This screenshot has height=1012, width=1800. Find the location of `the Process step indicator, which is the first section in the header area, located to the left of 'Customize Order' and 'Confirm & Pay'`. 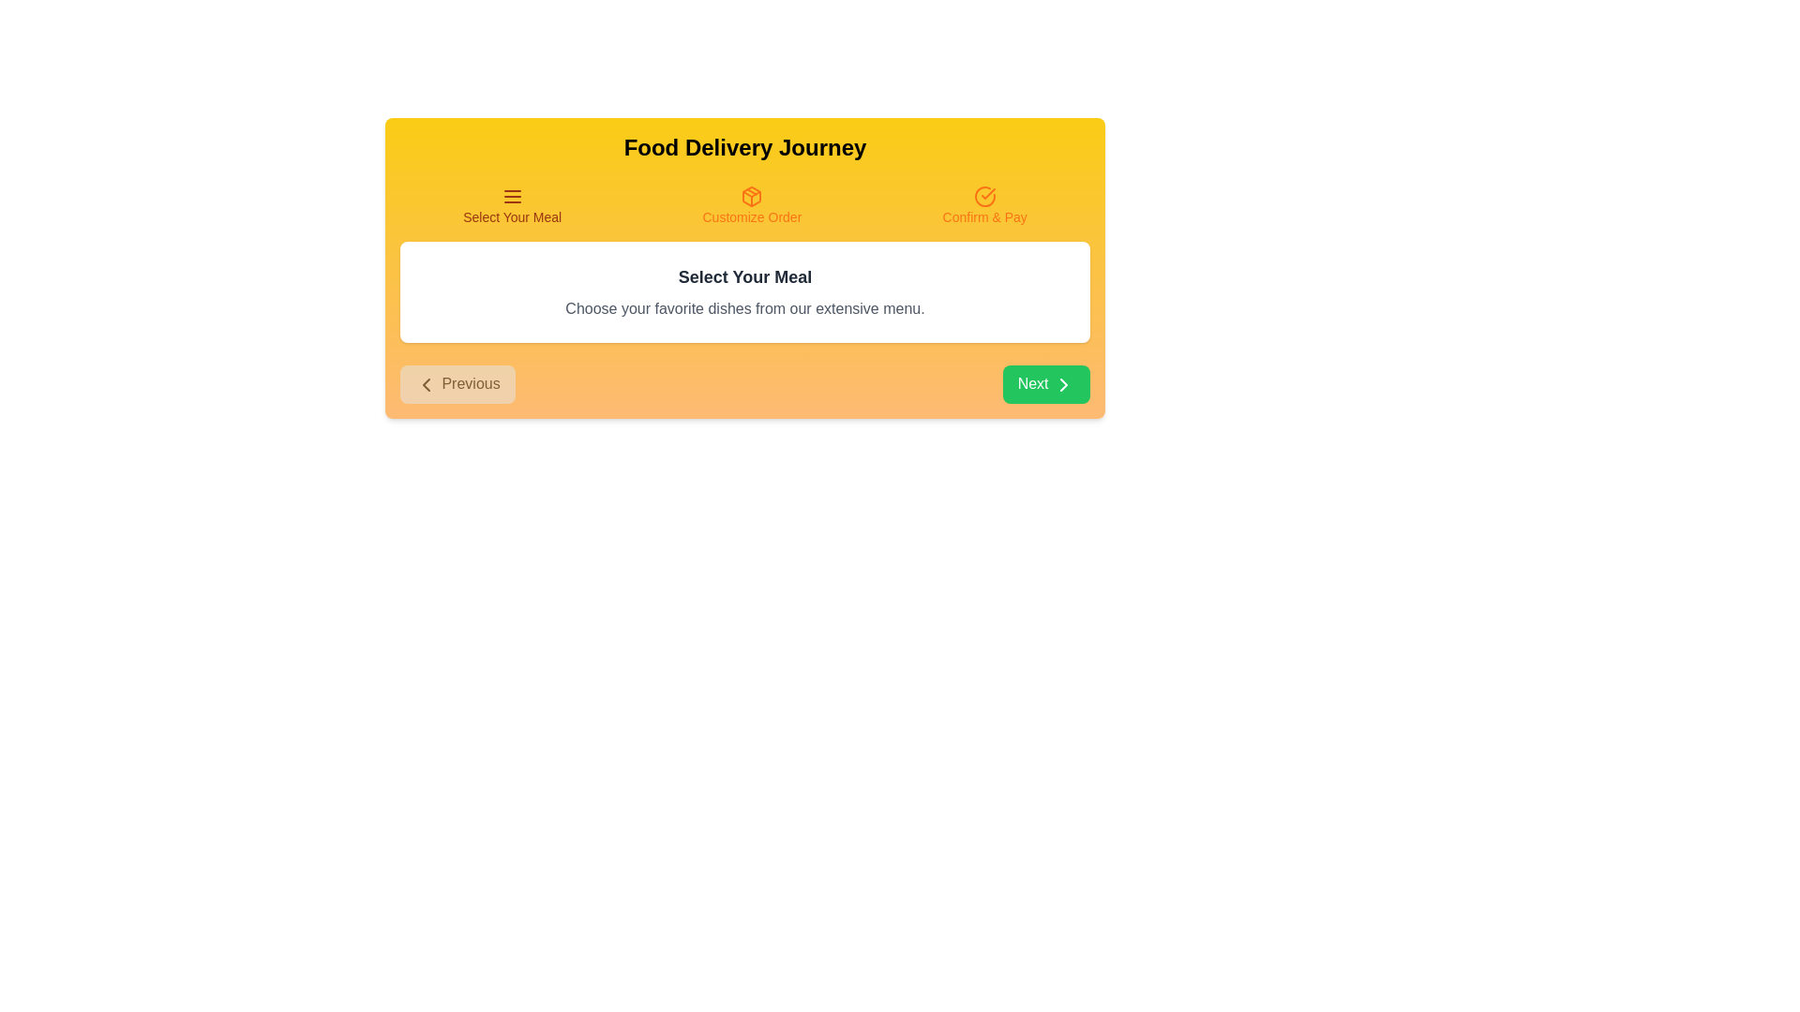

the Process step indicator, which is the first section in the header area, located to the left of 'Customize Order' and 'Confirm & Pay' is located at coordinates (512, 205).